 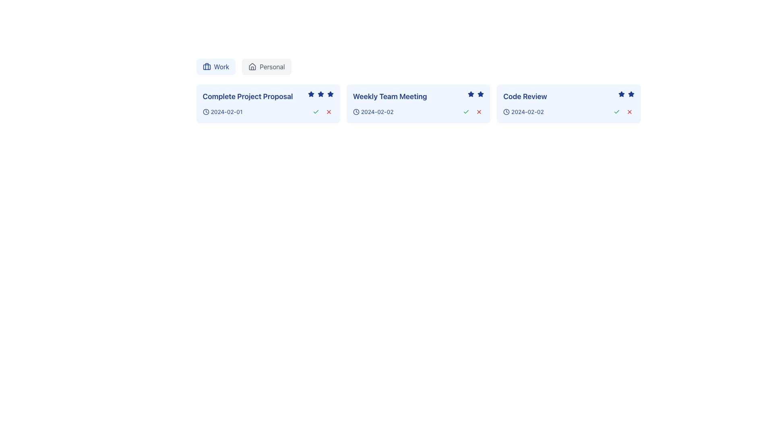 What do you see at coordinates (320, 93) in the screenshot?
I see `the star icon in the inline toolbar of the 'Complete Project Proposal' task` at bounding box center [320, 93].